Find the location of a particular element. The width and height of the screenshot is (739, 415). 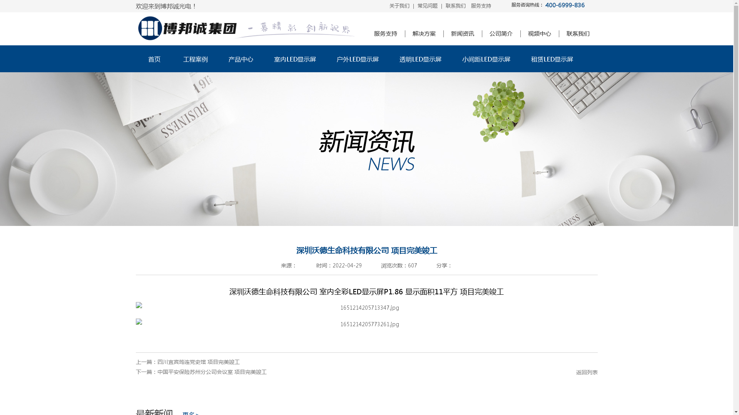

'1652404829435409.jpg' is located at coordinates (135, 307).